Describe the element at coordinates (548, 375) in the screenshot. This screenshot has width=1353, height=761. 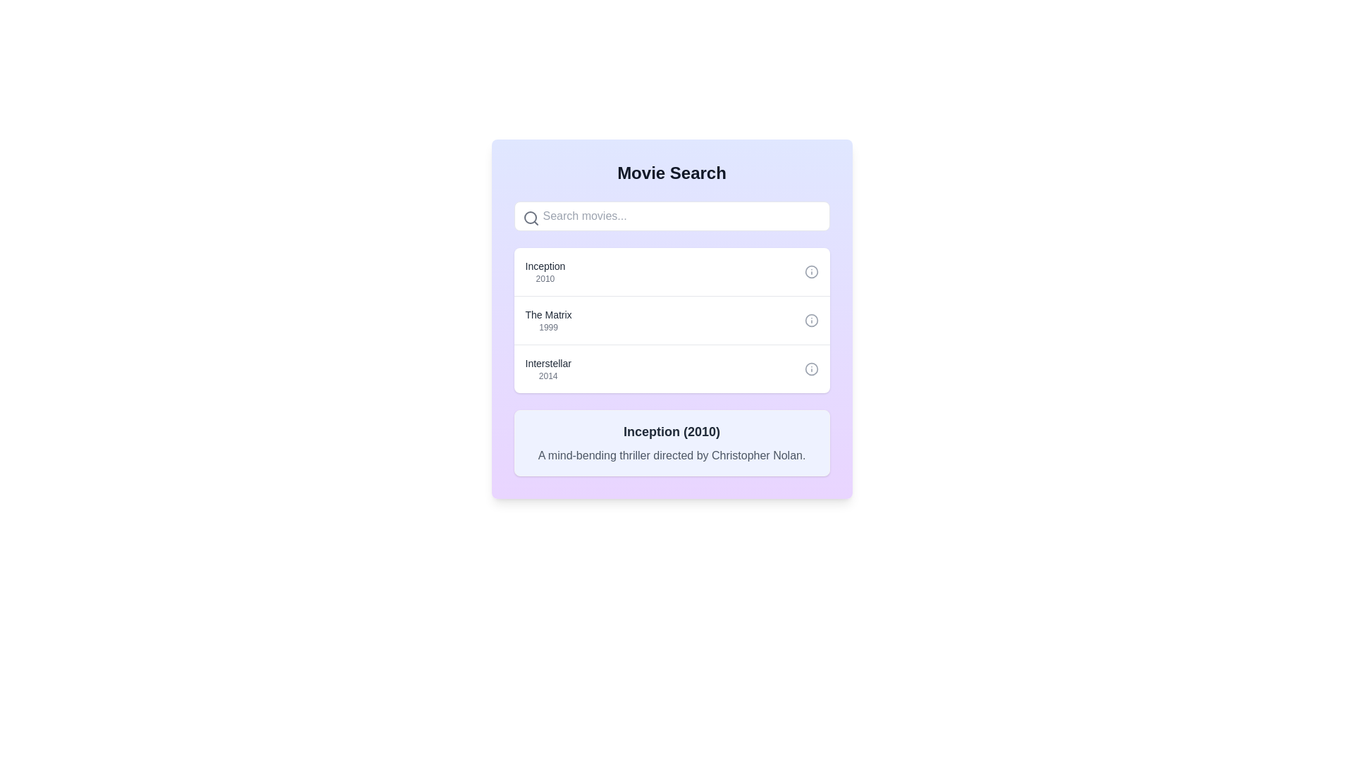
I see `the static text label displaying the year '2014', which is positioned directly beneath the movie title 'Interstellar'` at that location.